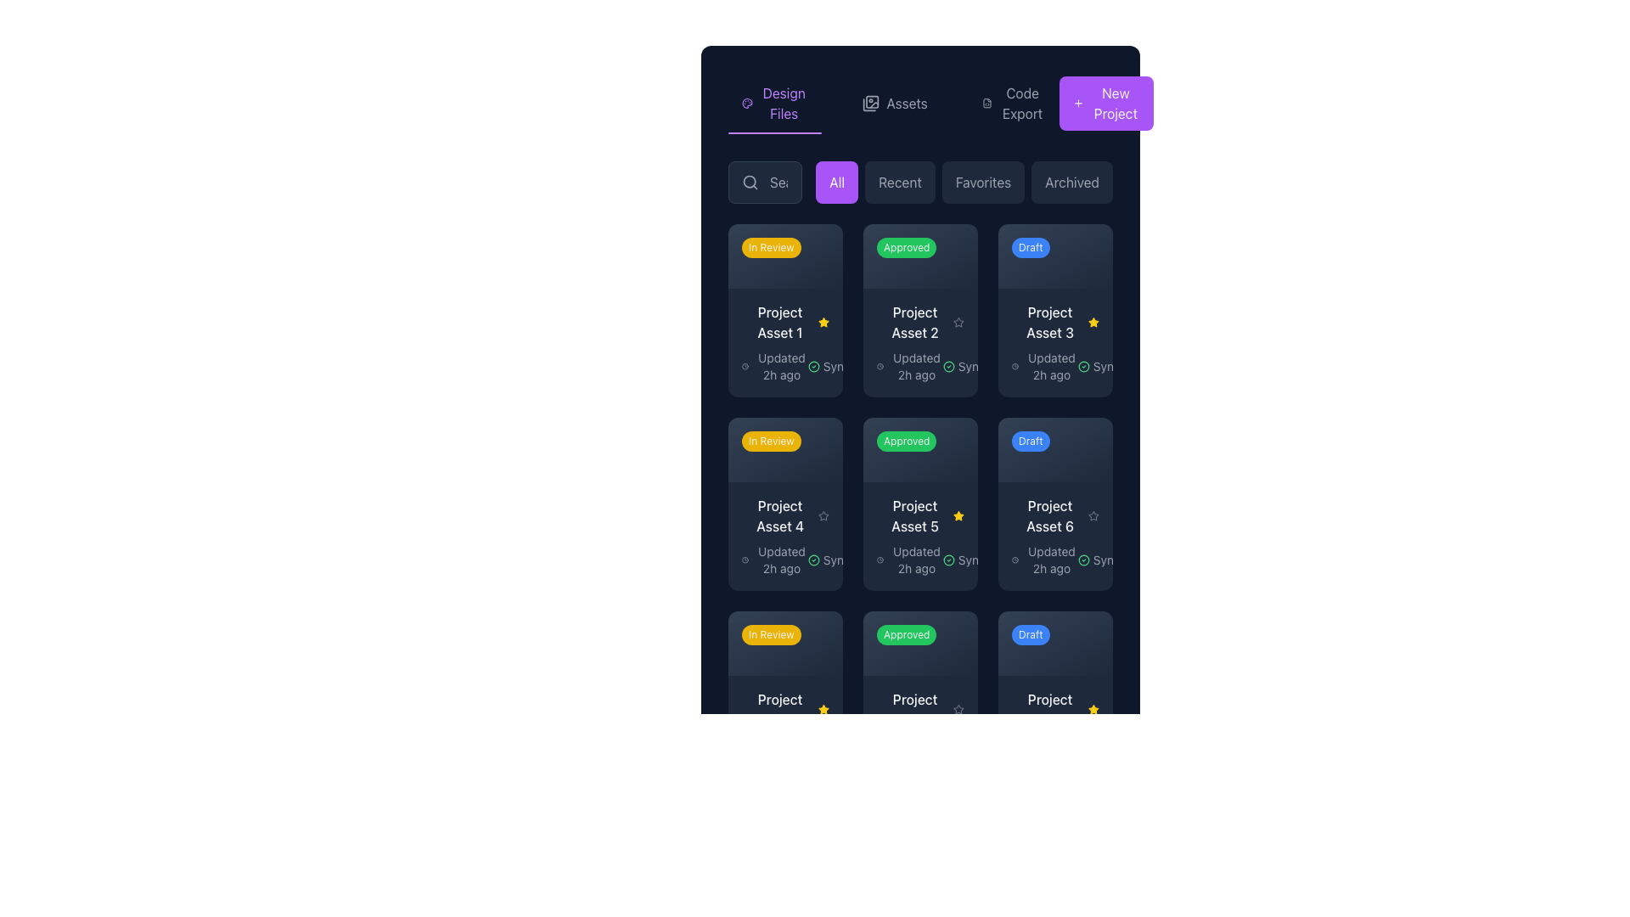  What do you see at coordinates (970, 560) in the screenshot?
I see `the text label indicating the synchronization status of 'Project Asset 5', located at the bottom of the card in the status section of the second column, second row grid layout` at bounding box center [970, 560].